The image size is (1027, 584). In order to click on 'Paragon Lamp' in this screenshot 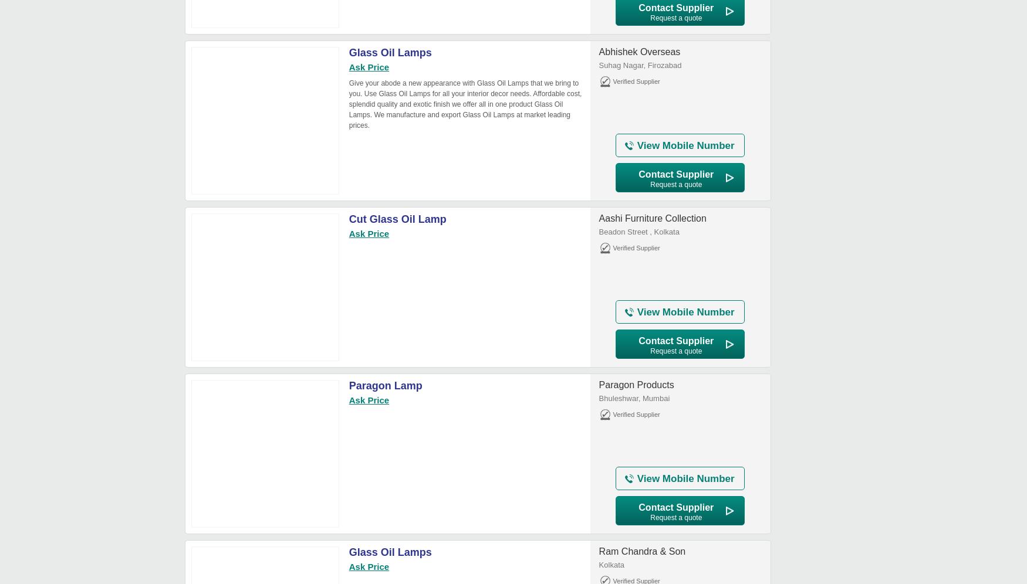, I will do `click(384, 385)`.